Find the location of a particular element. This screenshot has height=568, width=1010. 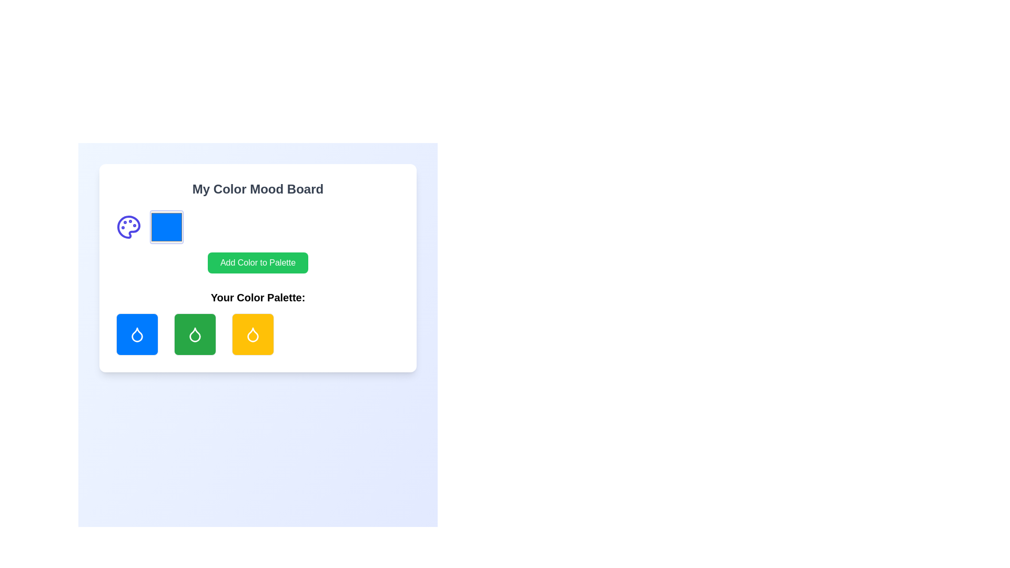

keyboard navigation is located at coordinates (195, 334).